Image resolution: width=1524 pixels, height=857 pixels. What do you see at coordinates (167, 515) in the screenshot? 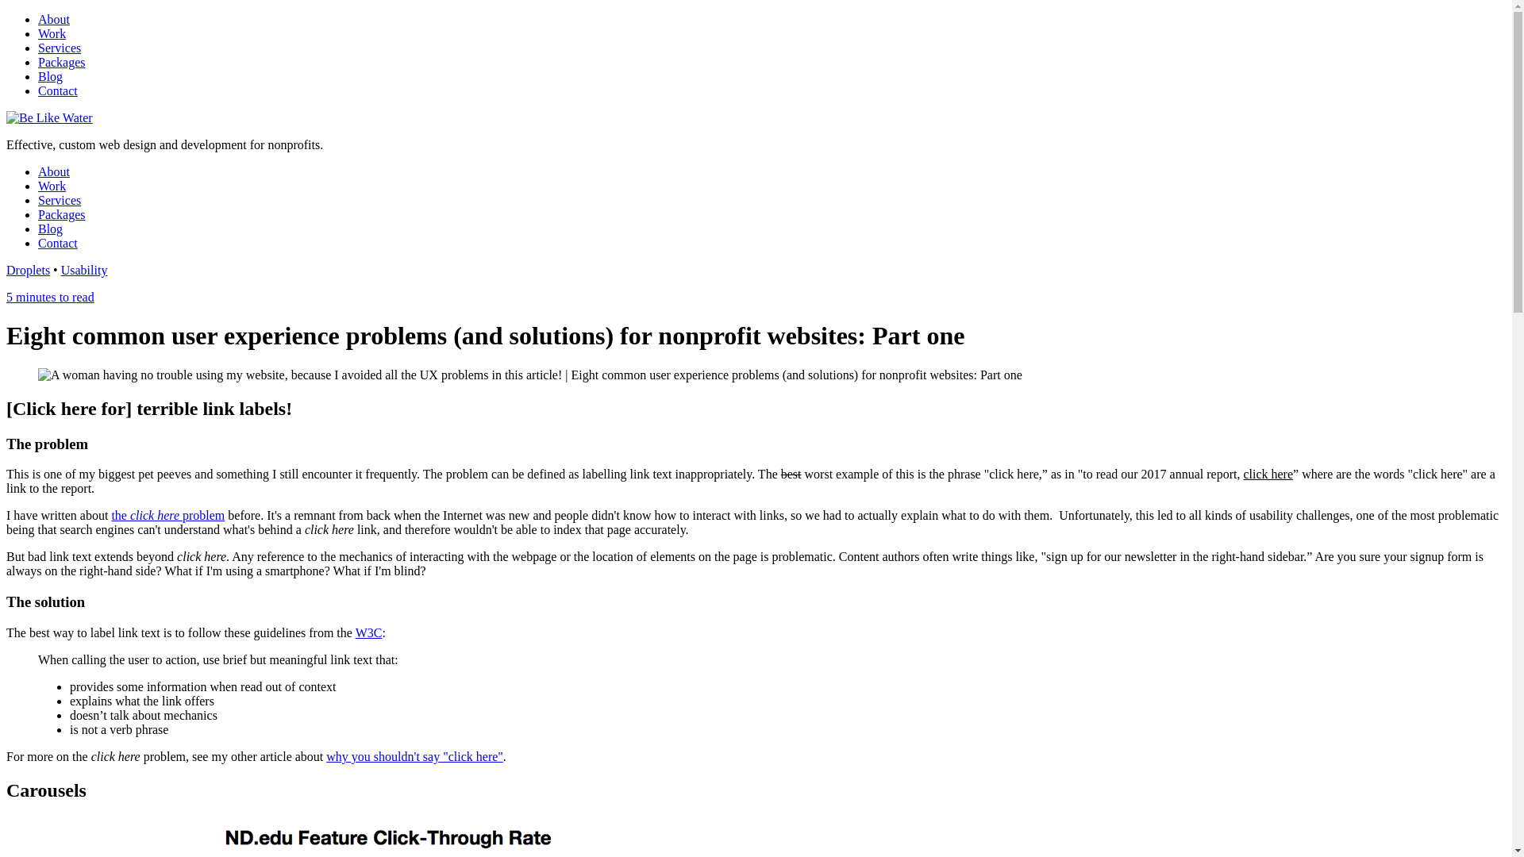
I see `'the click here problem'` at bounding box center [167, 515].